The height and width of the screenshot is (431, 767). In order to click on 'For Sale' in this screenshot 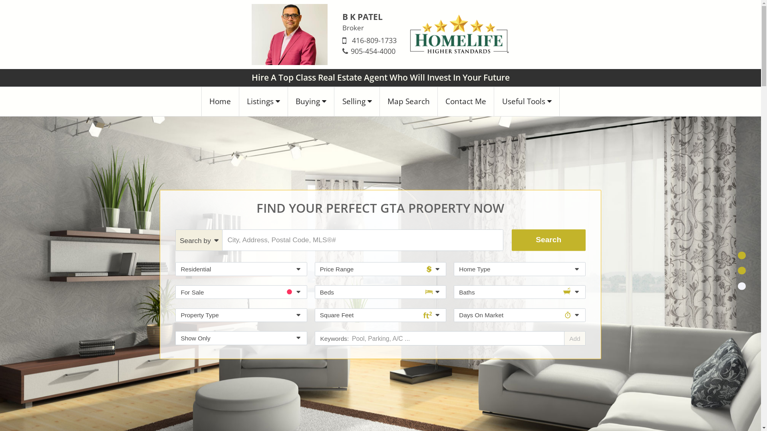, I will do `click(240, 292)`.